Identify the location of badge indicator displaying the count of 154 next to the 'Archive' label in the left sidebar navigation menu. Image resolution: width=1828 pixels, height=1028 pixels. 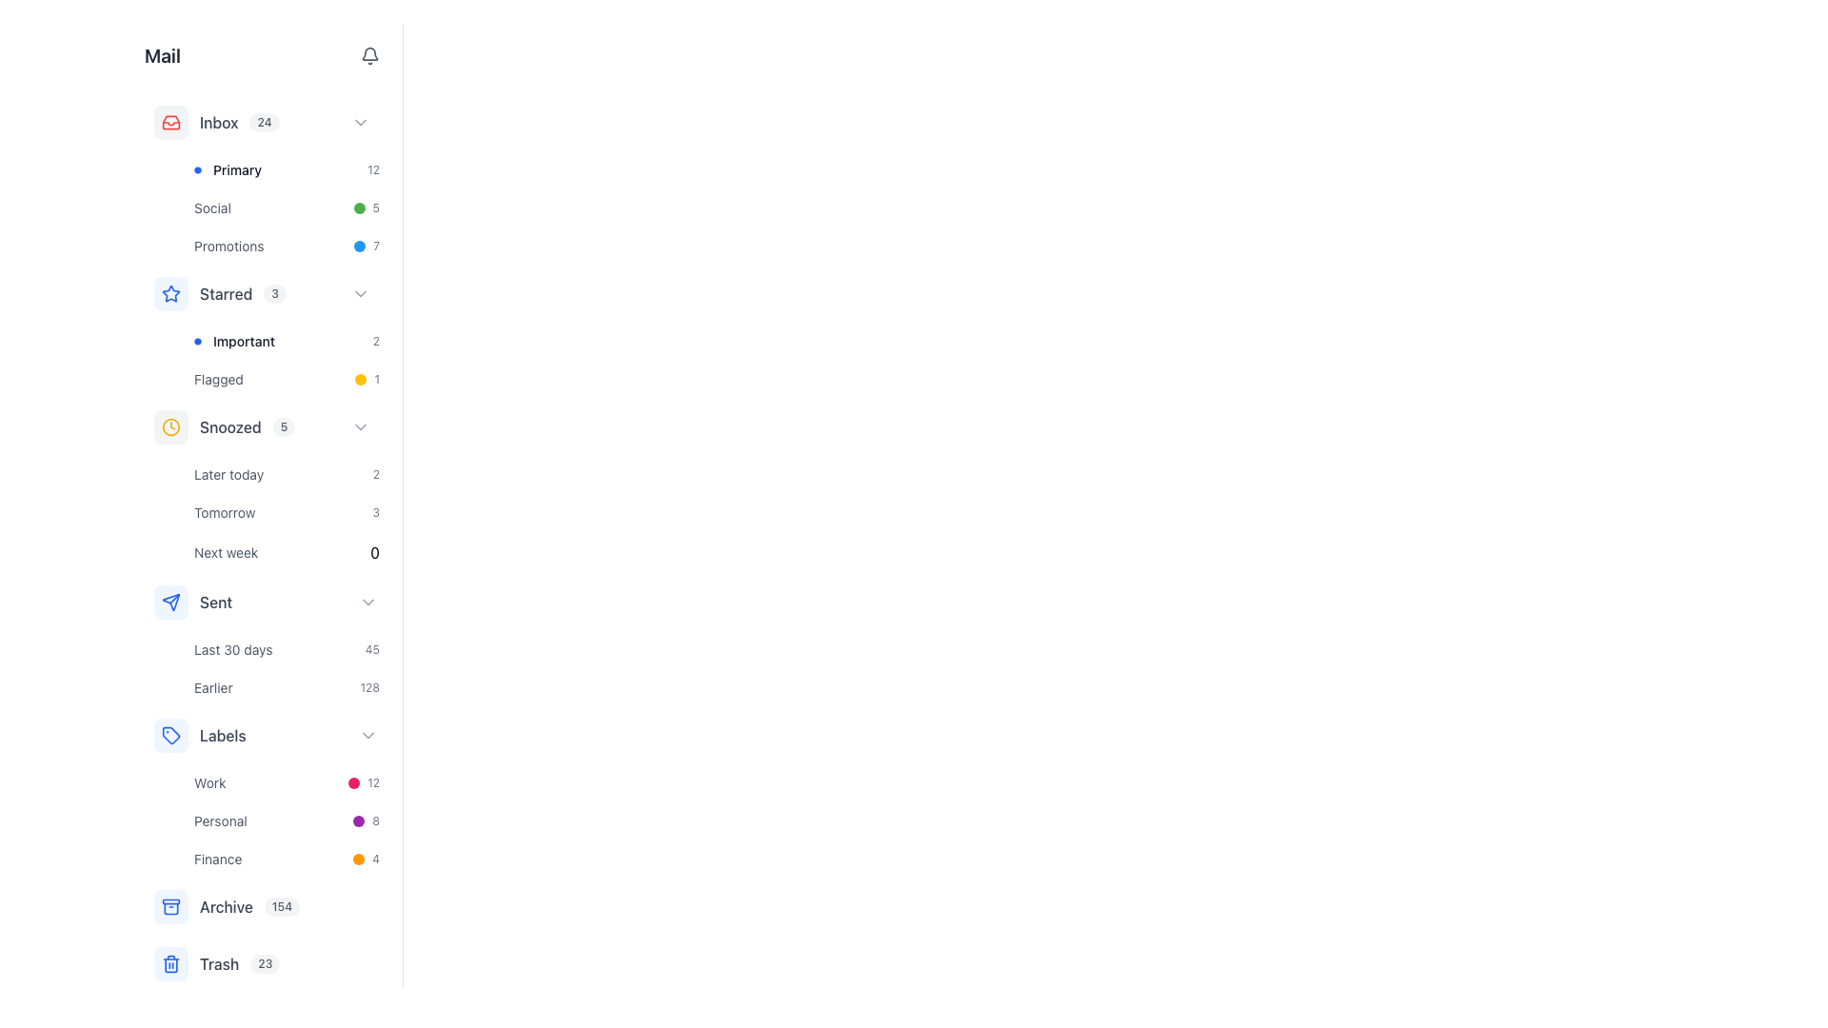
(248, 905).